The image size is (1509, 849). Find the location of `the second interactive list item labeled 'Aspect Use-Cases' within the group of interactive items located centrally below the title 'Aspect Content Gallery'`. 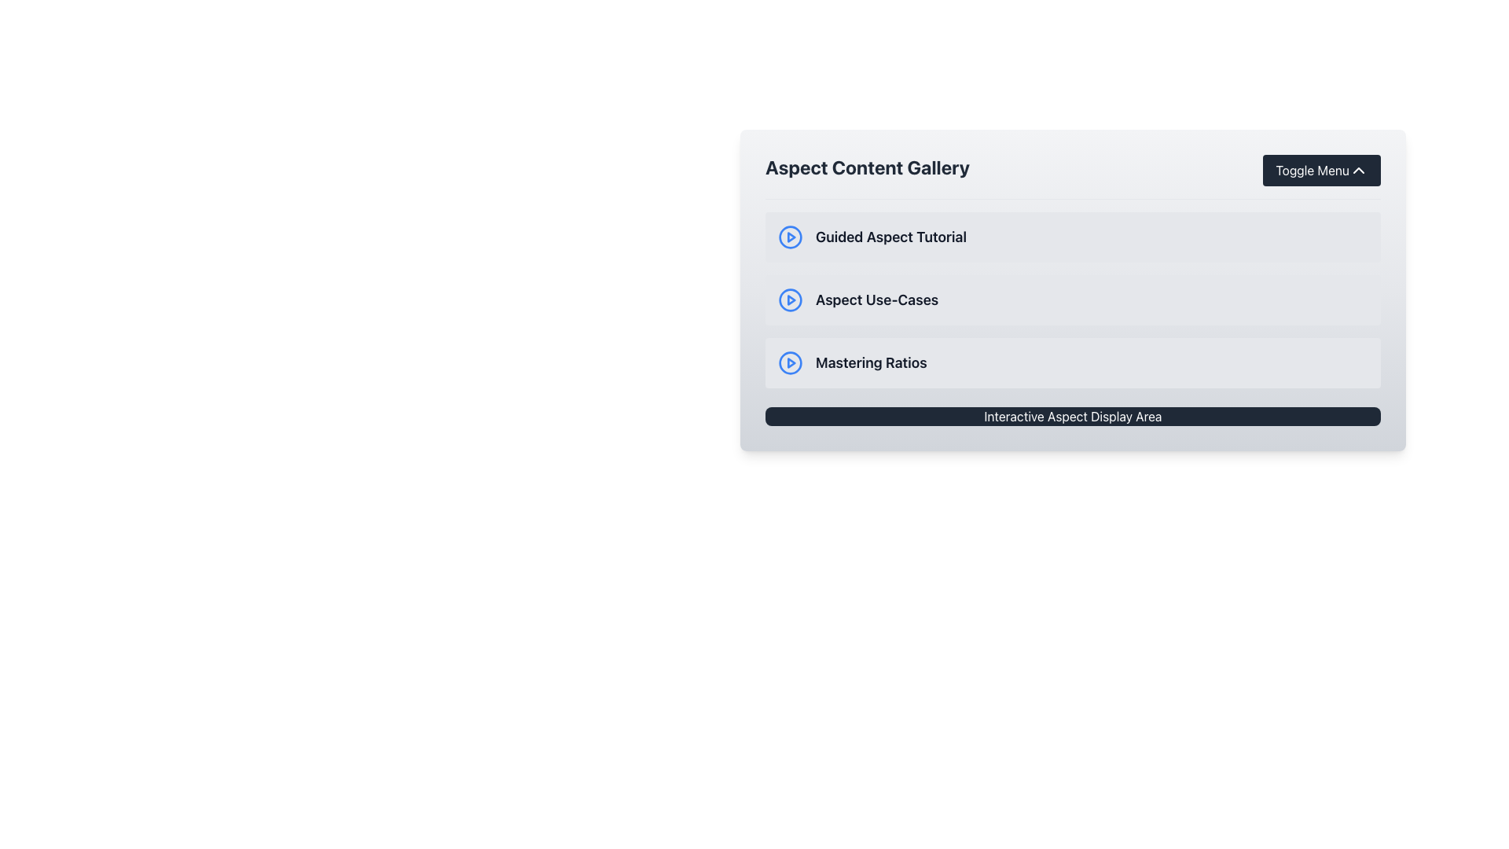

the second interactive list item labeled 'Aspect Use-Cases' within the group of interactive items located centrally below the title 'Aspect Content Gallery' is located at coordinates (1072, 300).